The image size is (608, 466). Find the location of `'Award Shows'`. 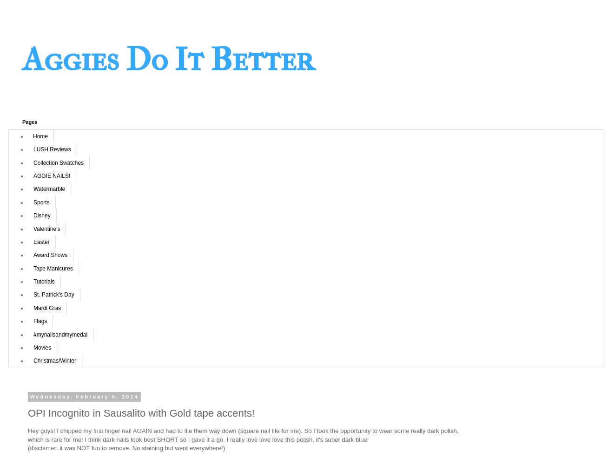

'Award Shows' is located at coordinates (33, 255).